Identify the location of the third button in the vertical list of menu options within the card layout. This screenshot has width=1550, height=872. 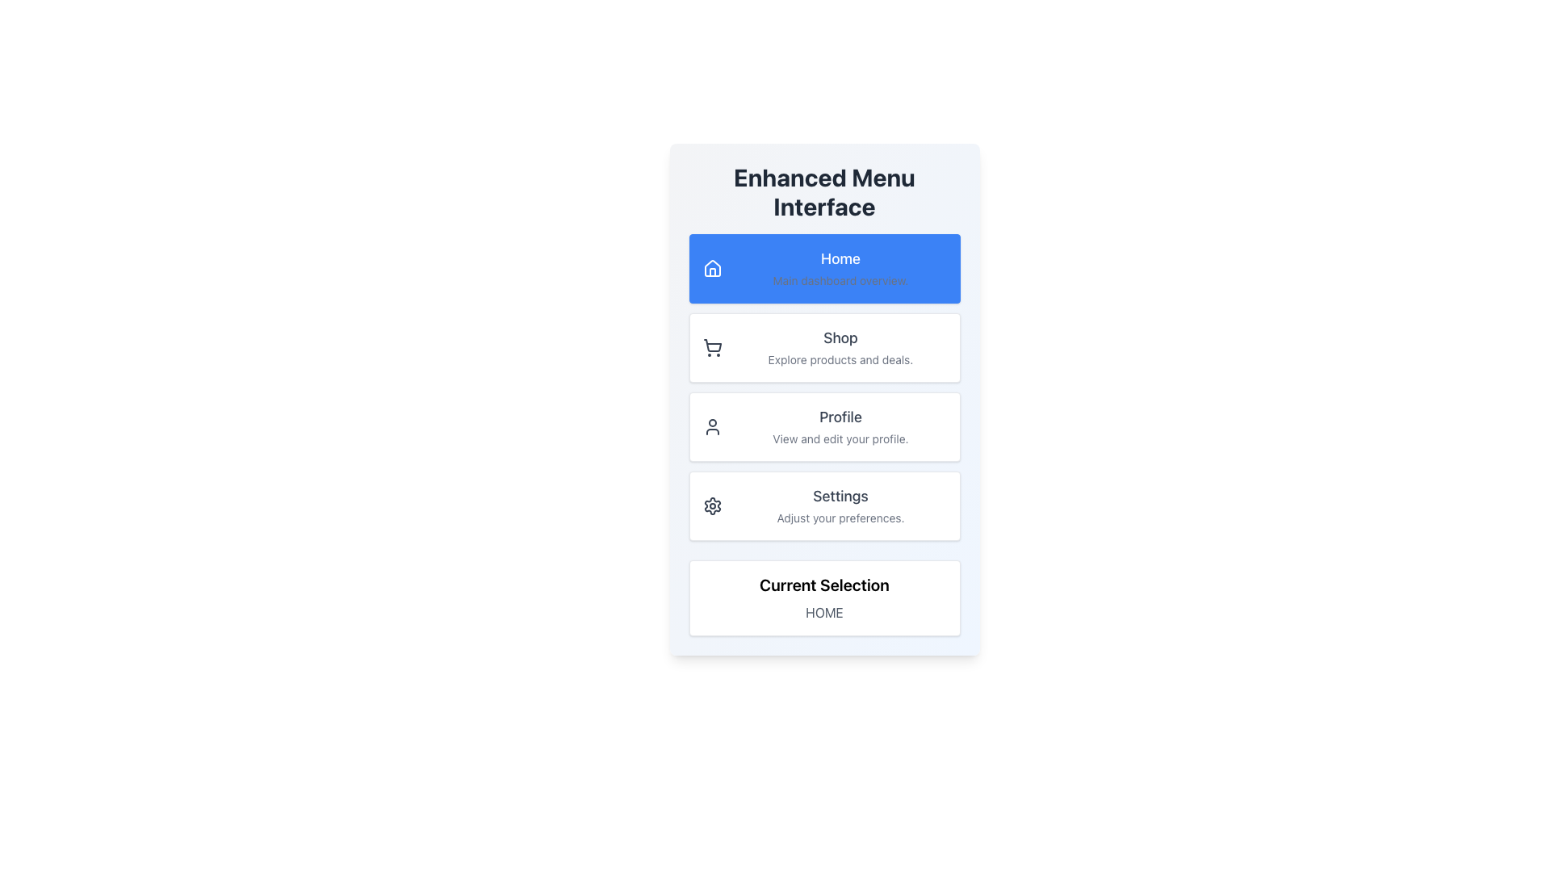
(824, 426).